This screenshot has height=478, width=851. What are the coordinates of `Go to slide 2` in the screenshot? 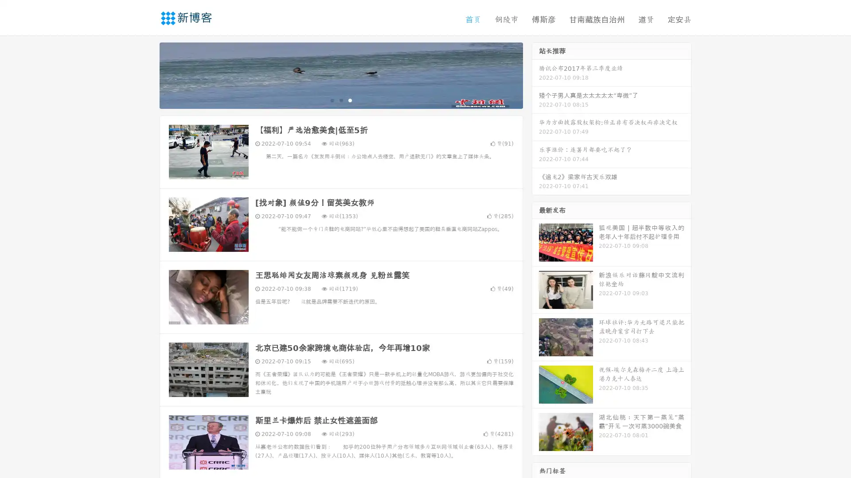 It's located at (340, 100).